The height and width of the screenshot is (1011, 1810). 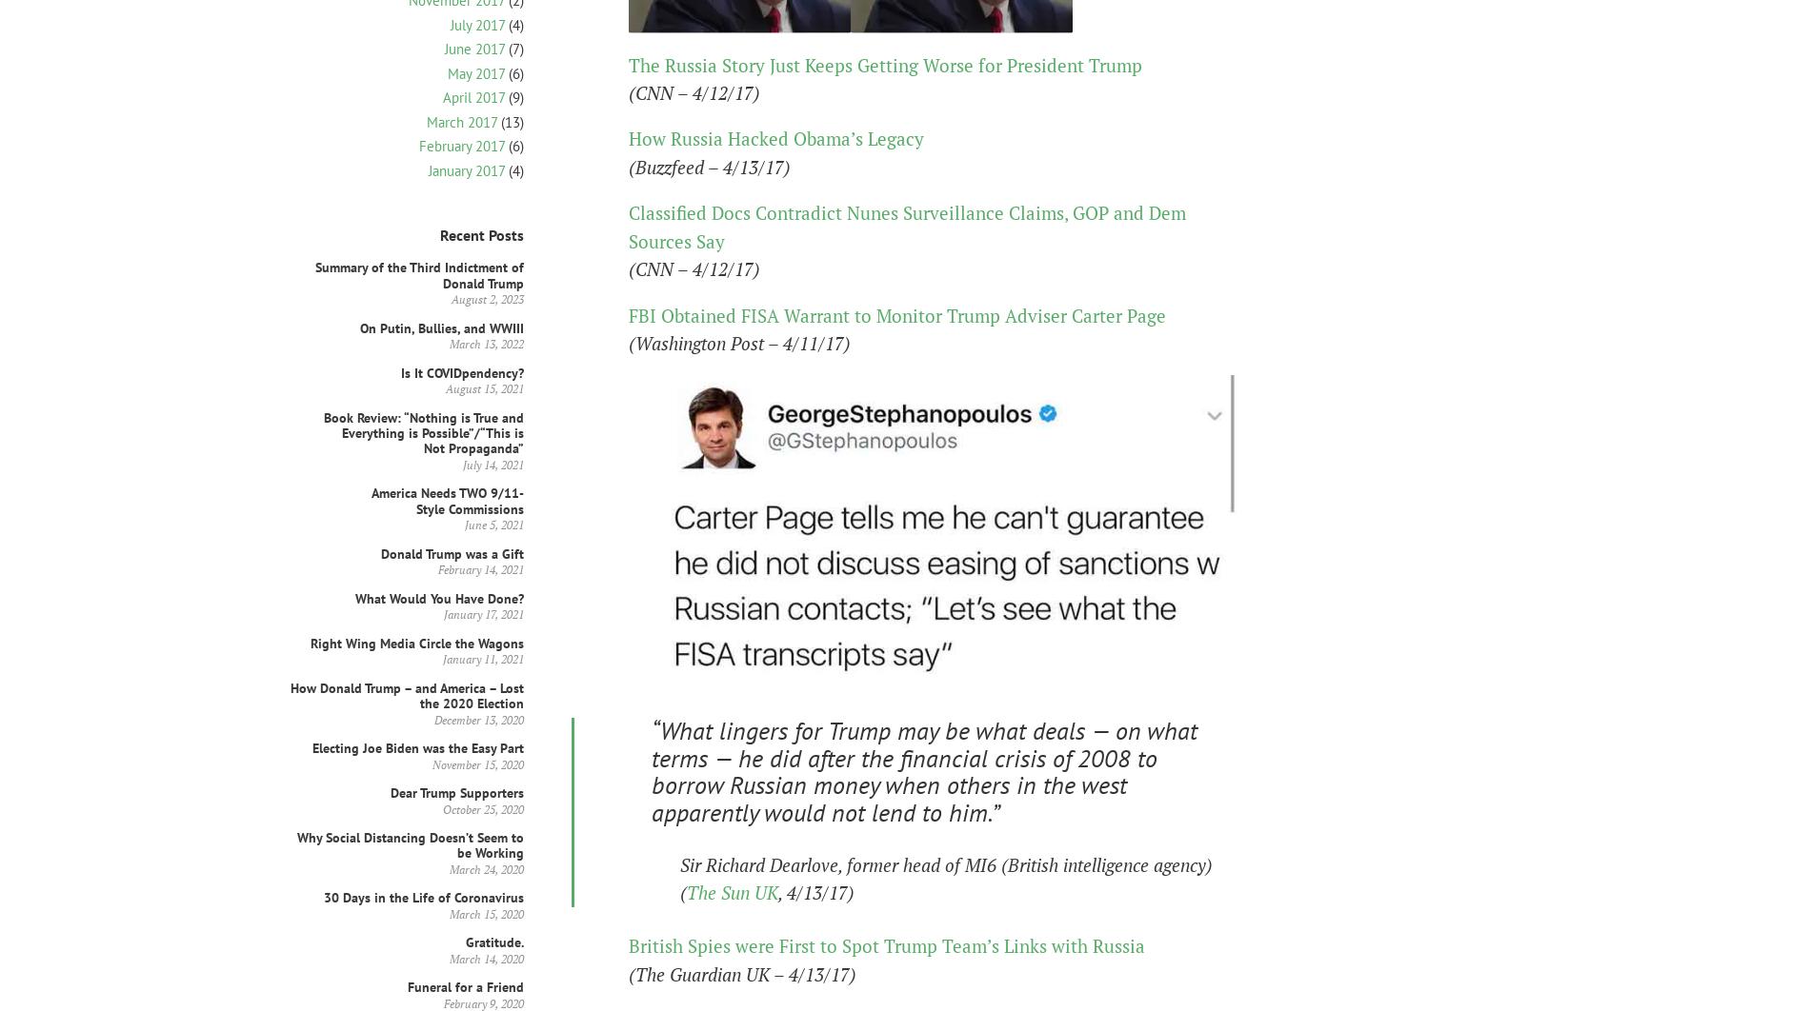 What do you see at coordinates (477, 763) in the screenshot?
I see `'November 15, 2020'` at bounding box center [477, 763].